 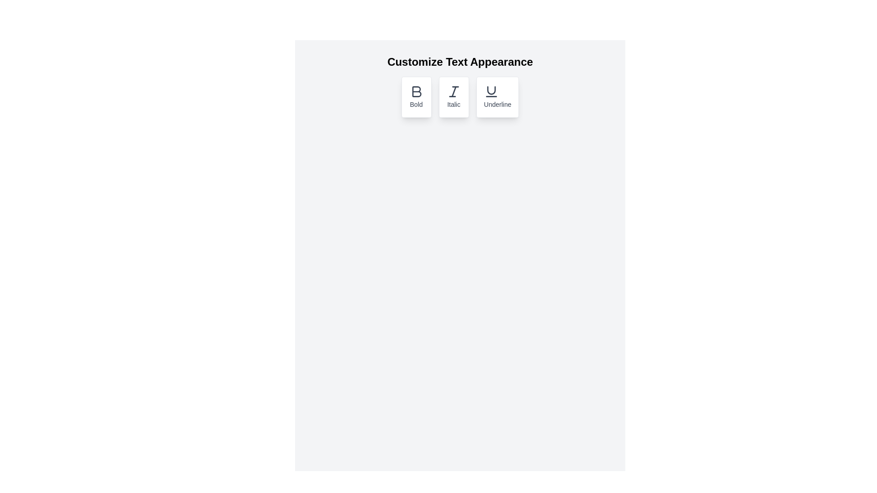 I want to click on the 'Italic' button to toggle the italic formatting option, so click(x=454, y=97).